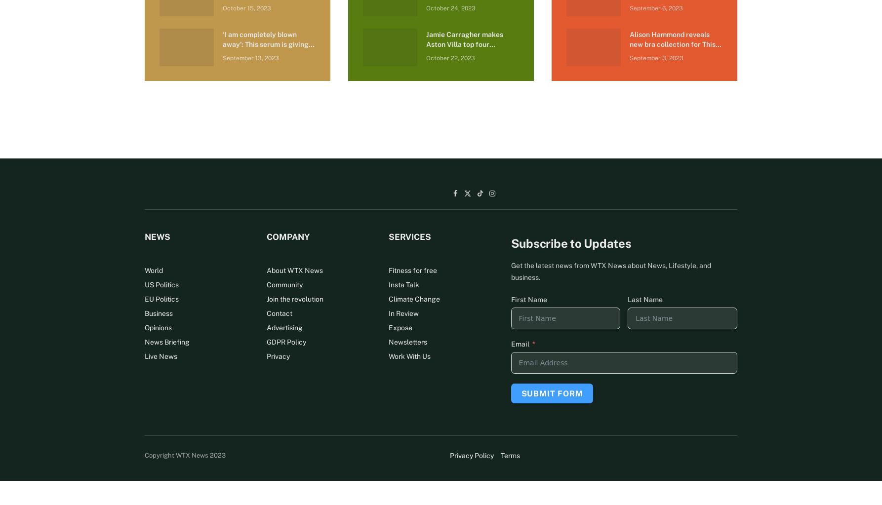 The image size is (882, 505). What do you see at coordinates (645, 299) in the screenshot?
I see `'Last Name'` at bounding box center [645, 299].